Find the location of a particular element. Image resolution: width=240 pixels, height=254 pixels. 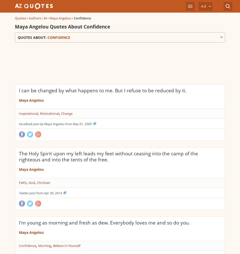

'Change' is located at coordinates (66, 114).